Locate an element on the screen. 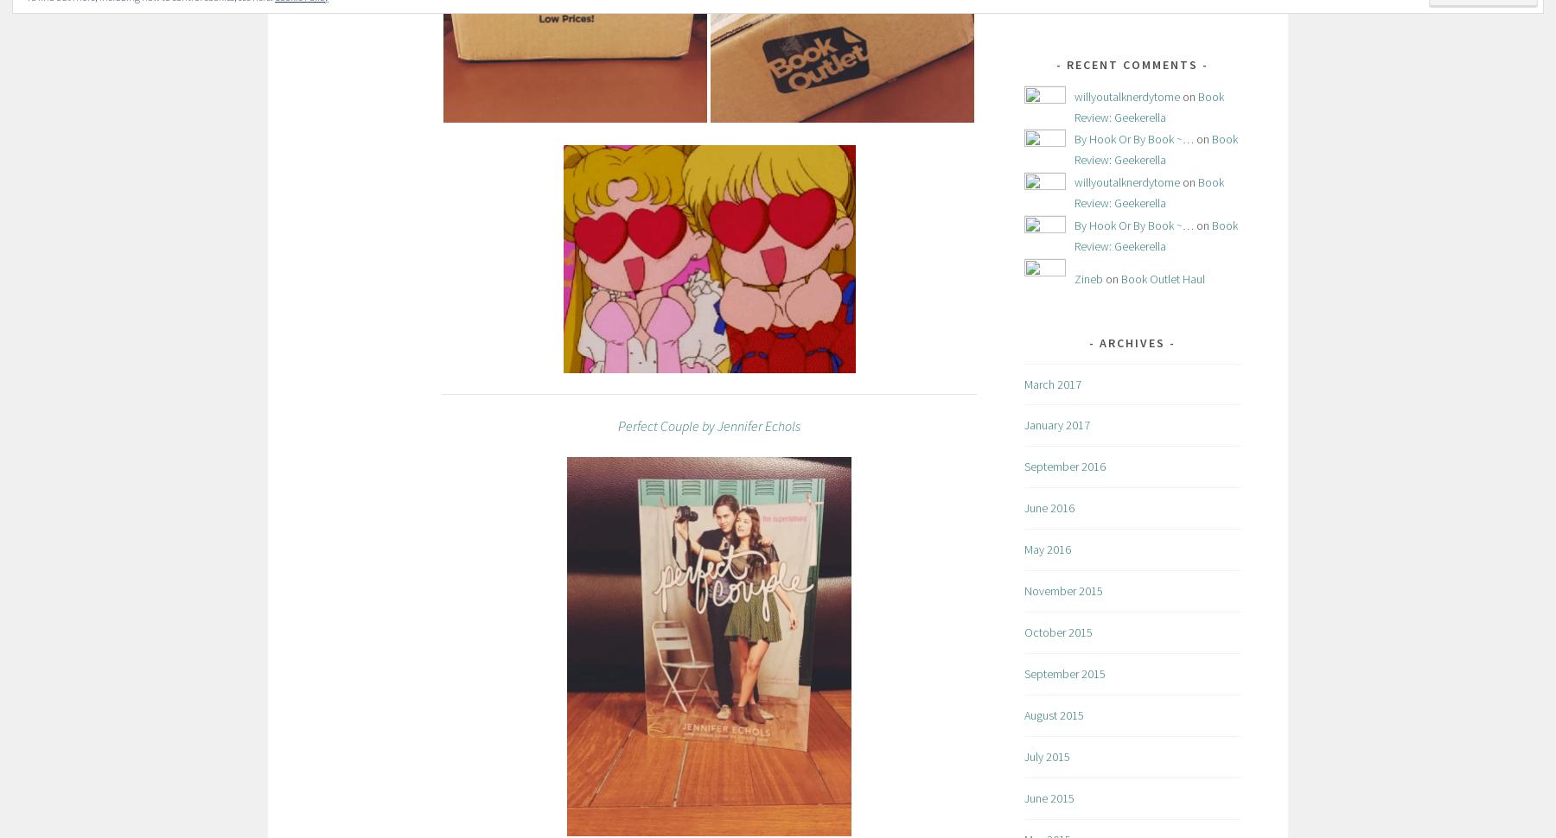 The image size is (1556, 838). 'September 2016' is located at coordinates (1063, 465).